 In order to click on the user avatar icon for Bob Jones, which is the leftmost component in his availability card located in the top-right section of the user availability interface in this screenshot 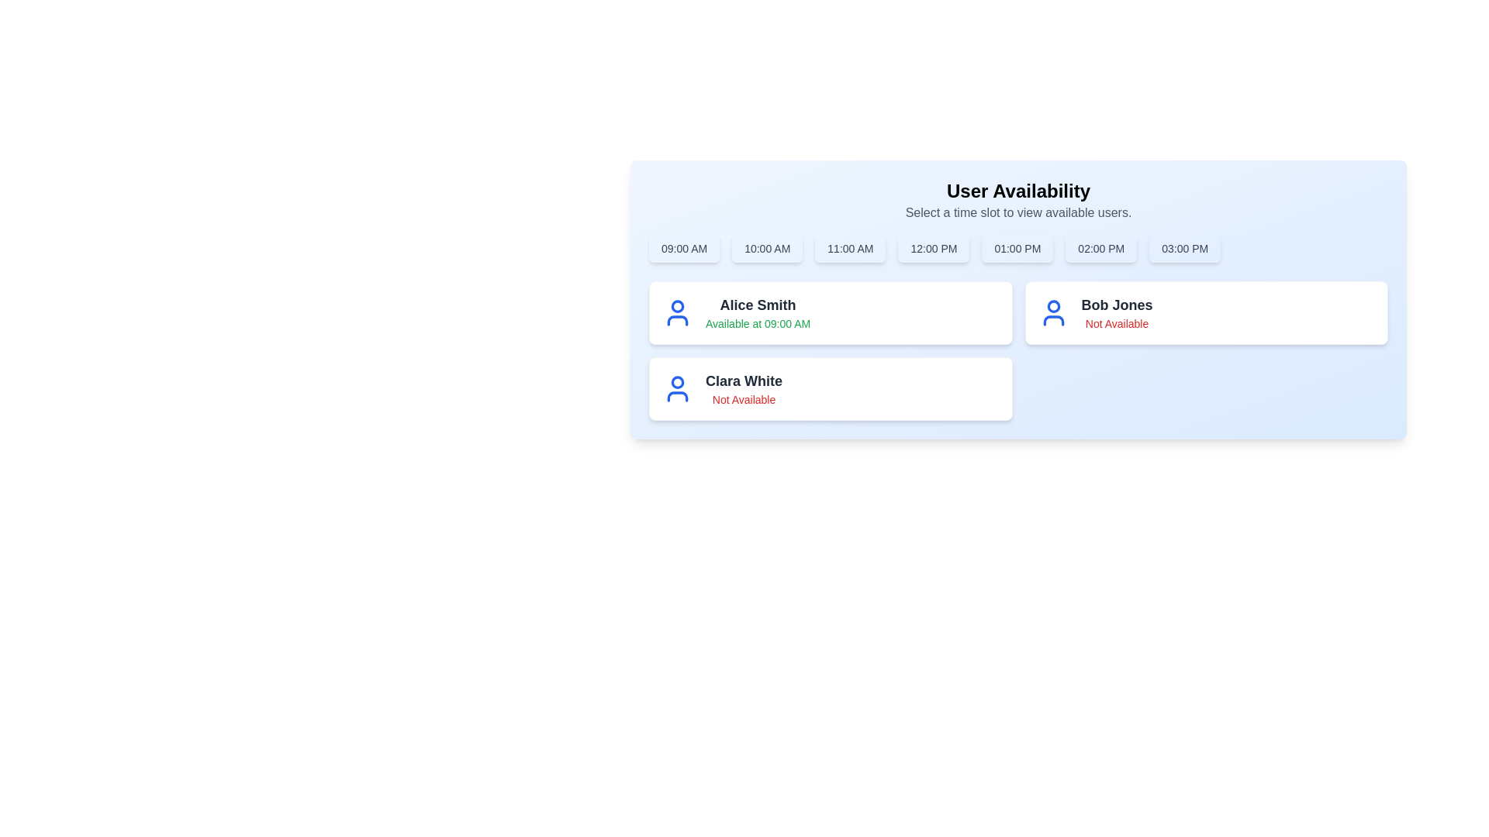, I will do `click(1053, 313)`.